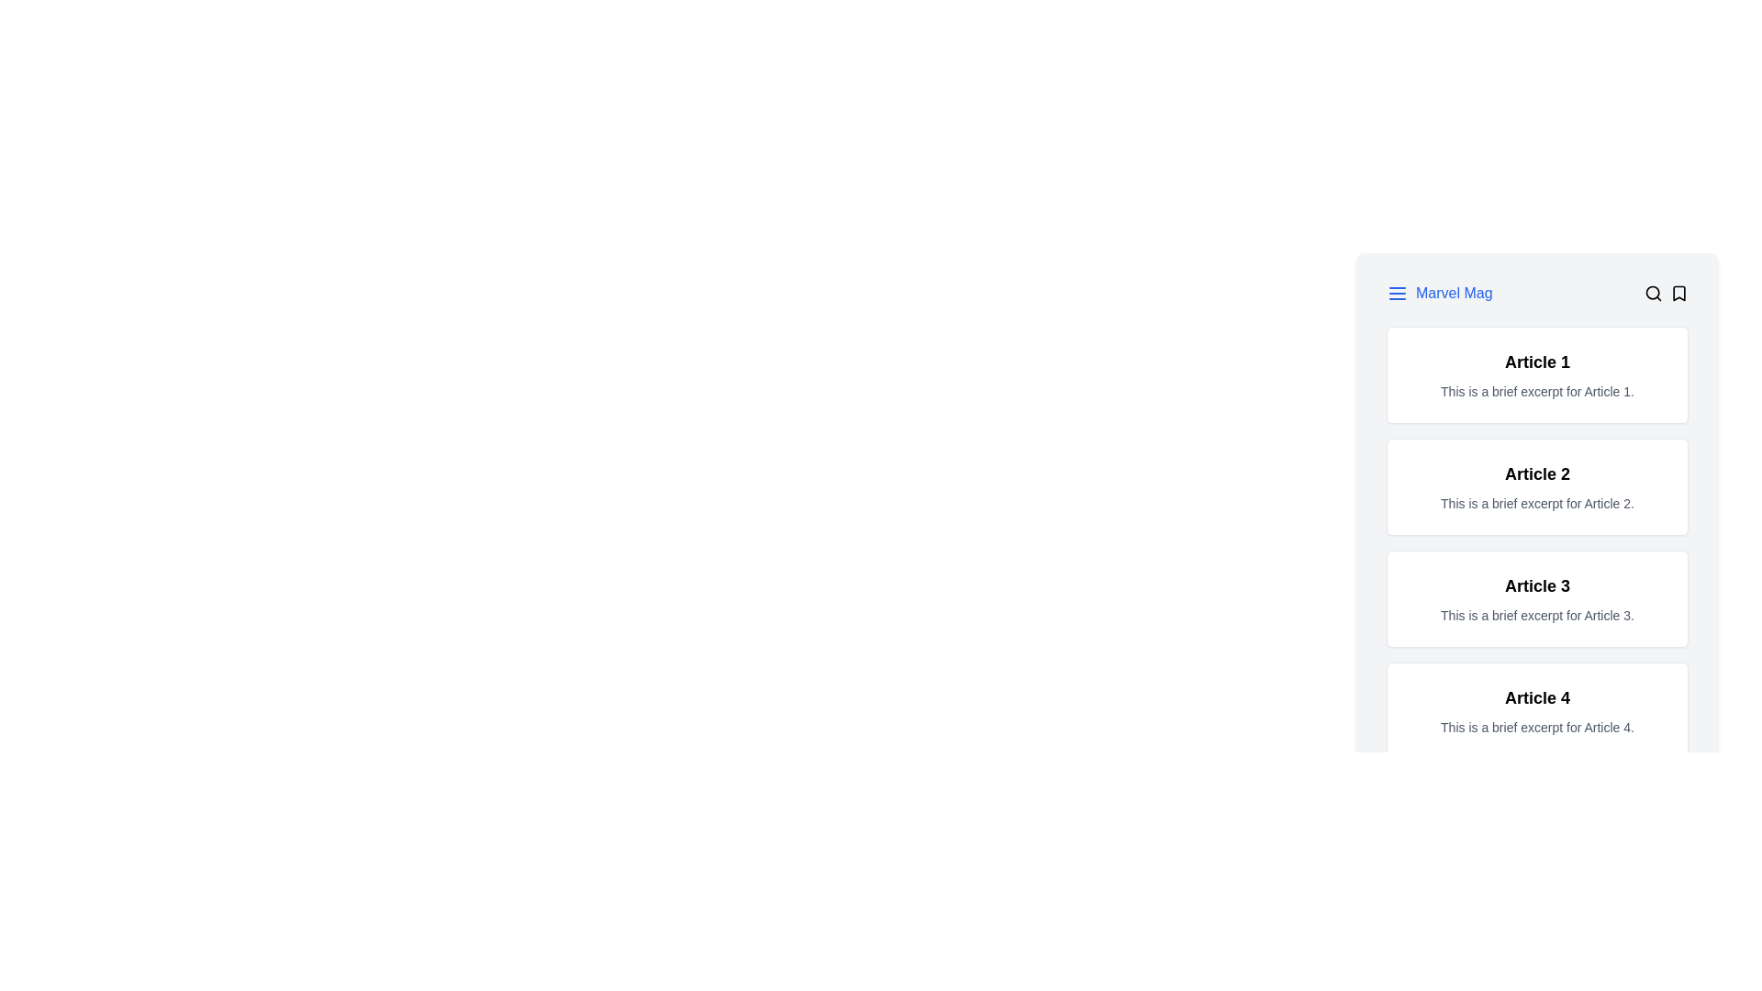 This screenshot has width=1762, height=991. Describe the element at coordinates (1537, 373) in the screenshot. I see `the first article summary card displayed in the vertical grid layout, located below the header of the interface` at that location.